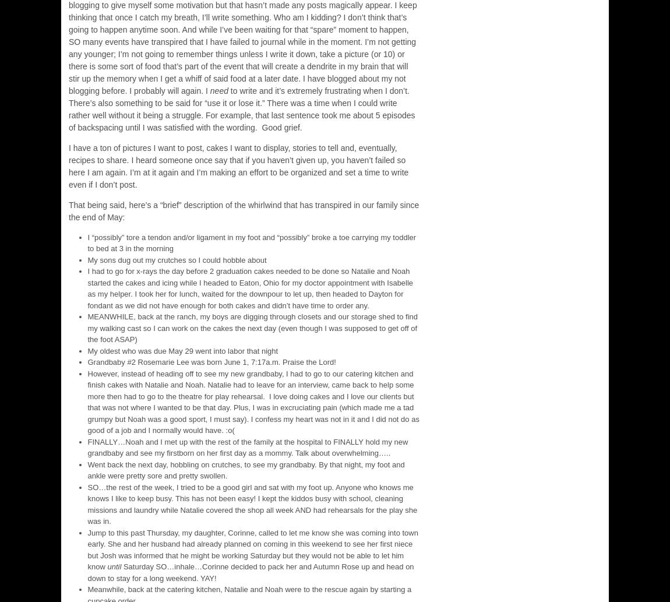 The width and height of the screenshot is (670, 602). Describe the element at coordinates (113, 566) in the screenshot. I see `'until'` at that location.